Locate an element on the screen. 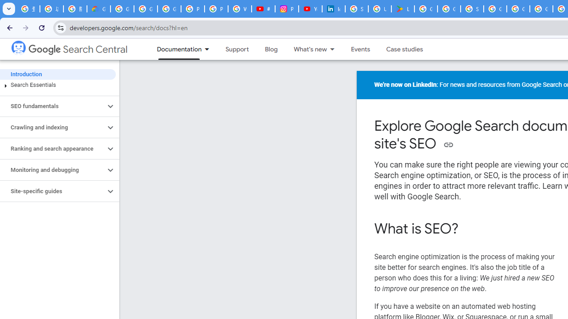 This screenshot has height=319, width=568. 'What' is located at coordinates (306, 49).